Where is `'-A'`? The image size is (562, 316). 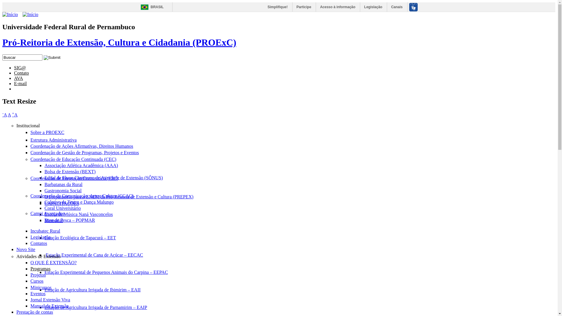 '-A' is located at coordinates (4, 115).